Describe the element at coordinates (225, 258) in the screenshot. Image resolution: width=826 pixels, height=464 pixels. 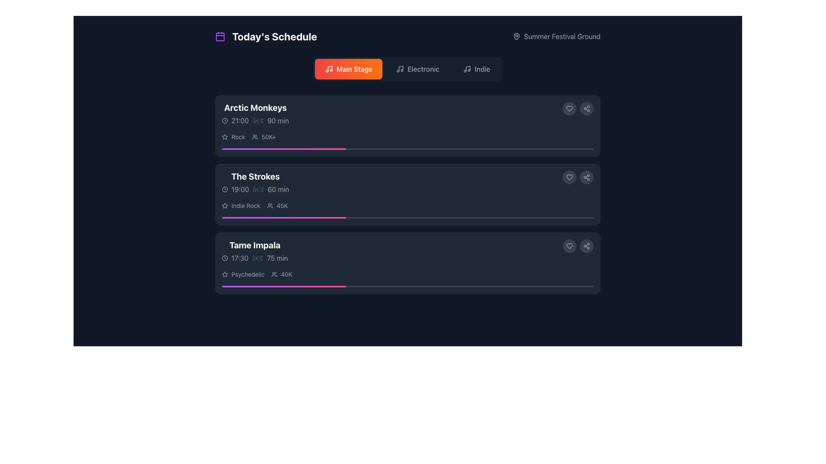
I see `the clock icon with a circular outline and clock hands, which is the first item in the horizontal layout containing the text '17:30 • 75 min' for the schedule entry of 'Tame Impala'` at that location.